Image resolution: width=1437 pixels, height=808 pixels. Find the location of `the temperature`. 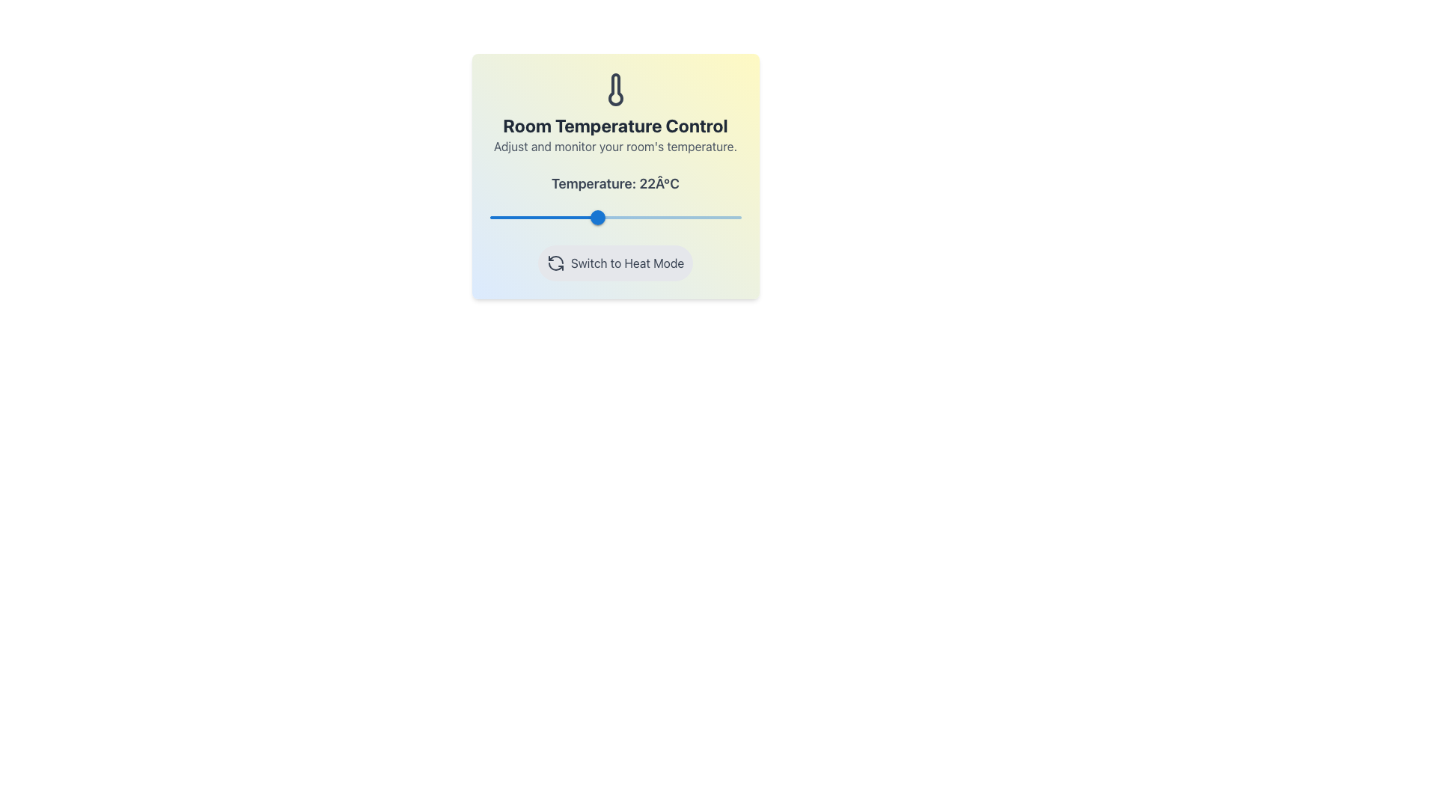

the temperature is located at coordinates (722, 217).